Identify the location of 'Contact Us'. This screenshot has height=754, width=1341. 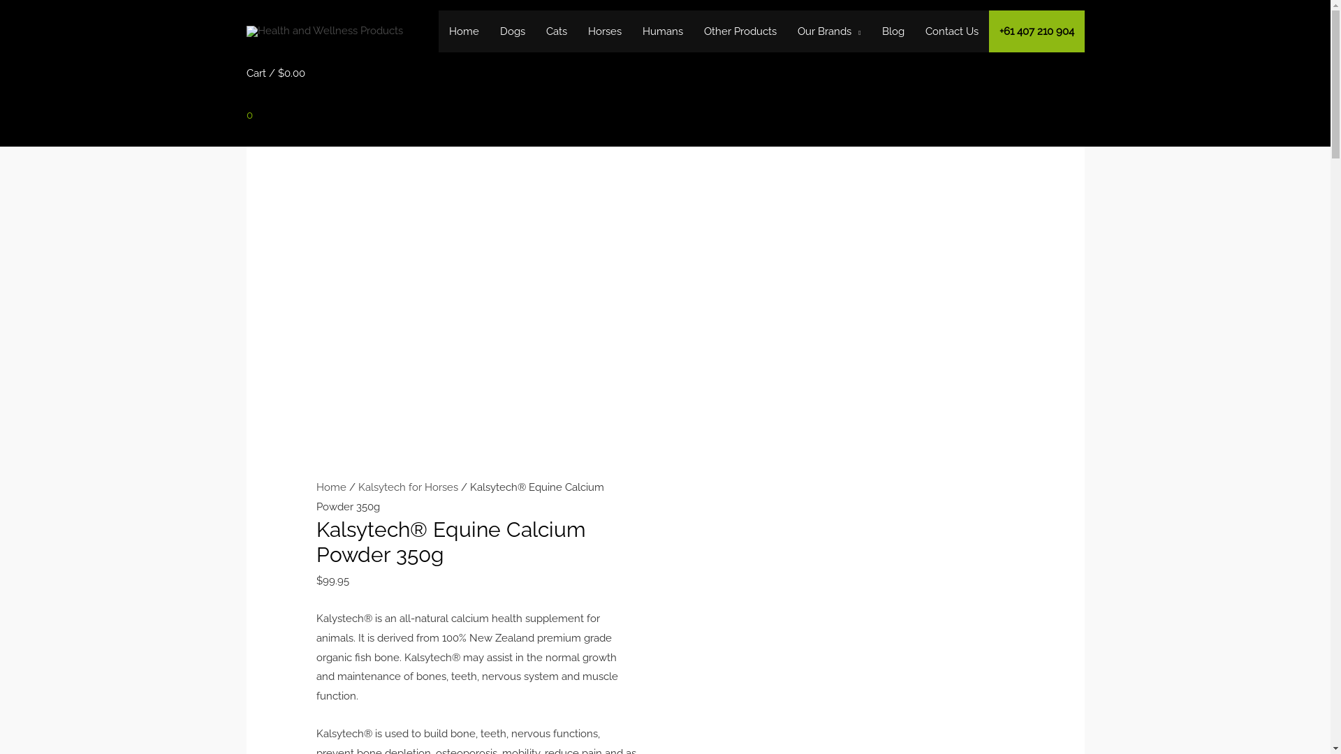
(951, 31).